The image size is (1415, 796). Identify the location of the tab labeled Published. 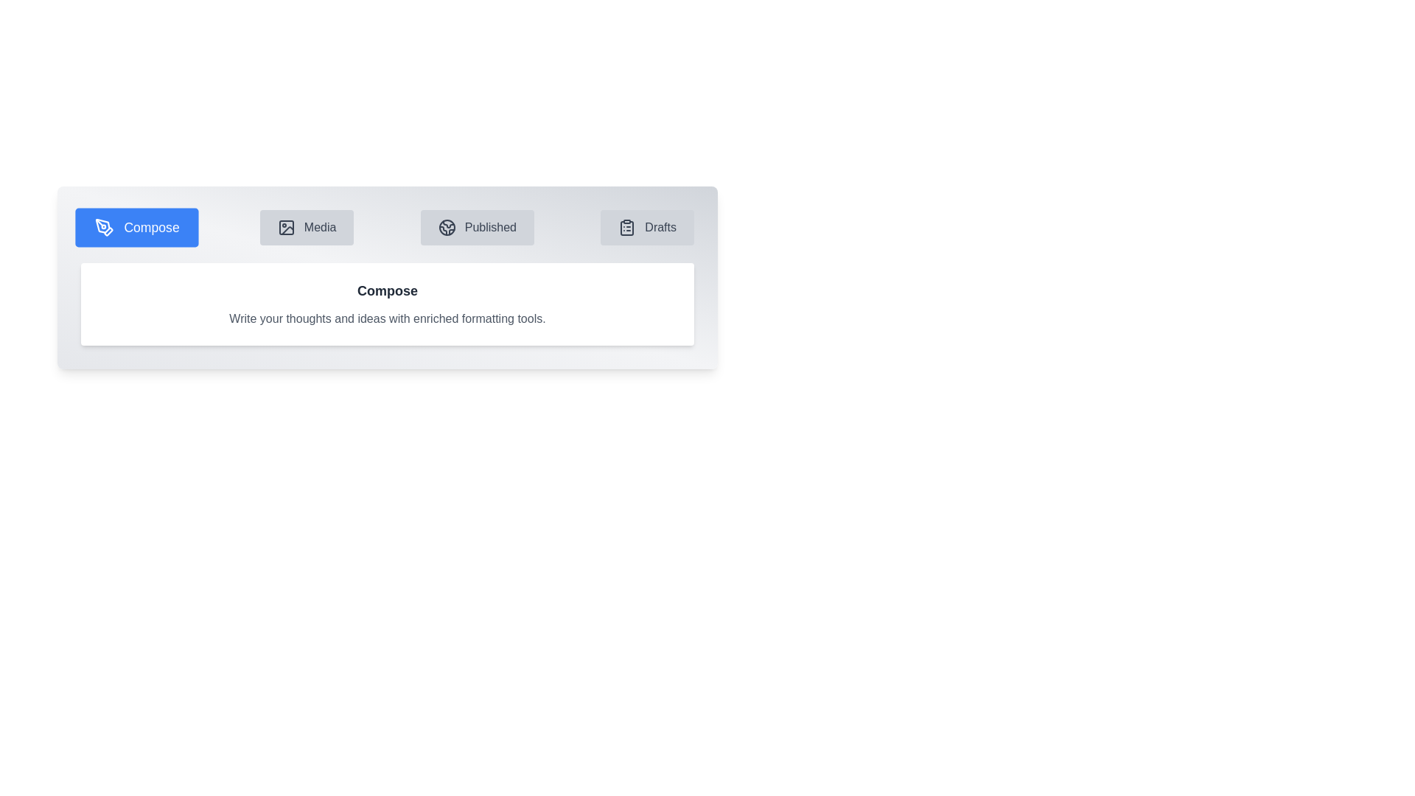
(477, 227).